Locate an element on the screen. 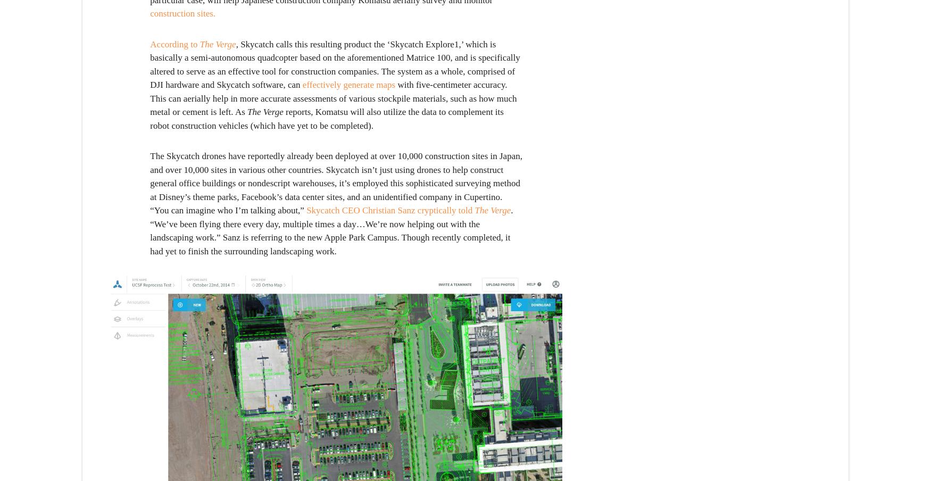  'construction sites.' is located at coordinates (182, 13).